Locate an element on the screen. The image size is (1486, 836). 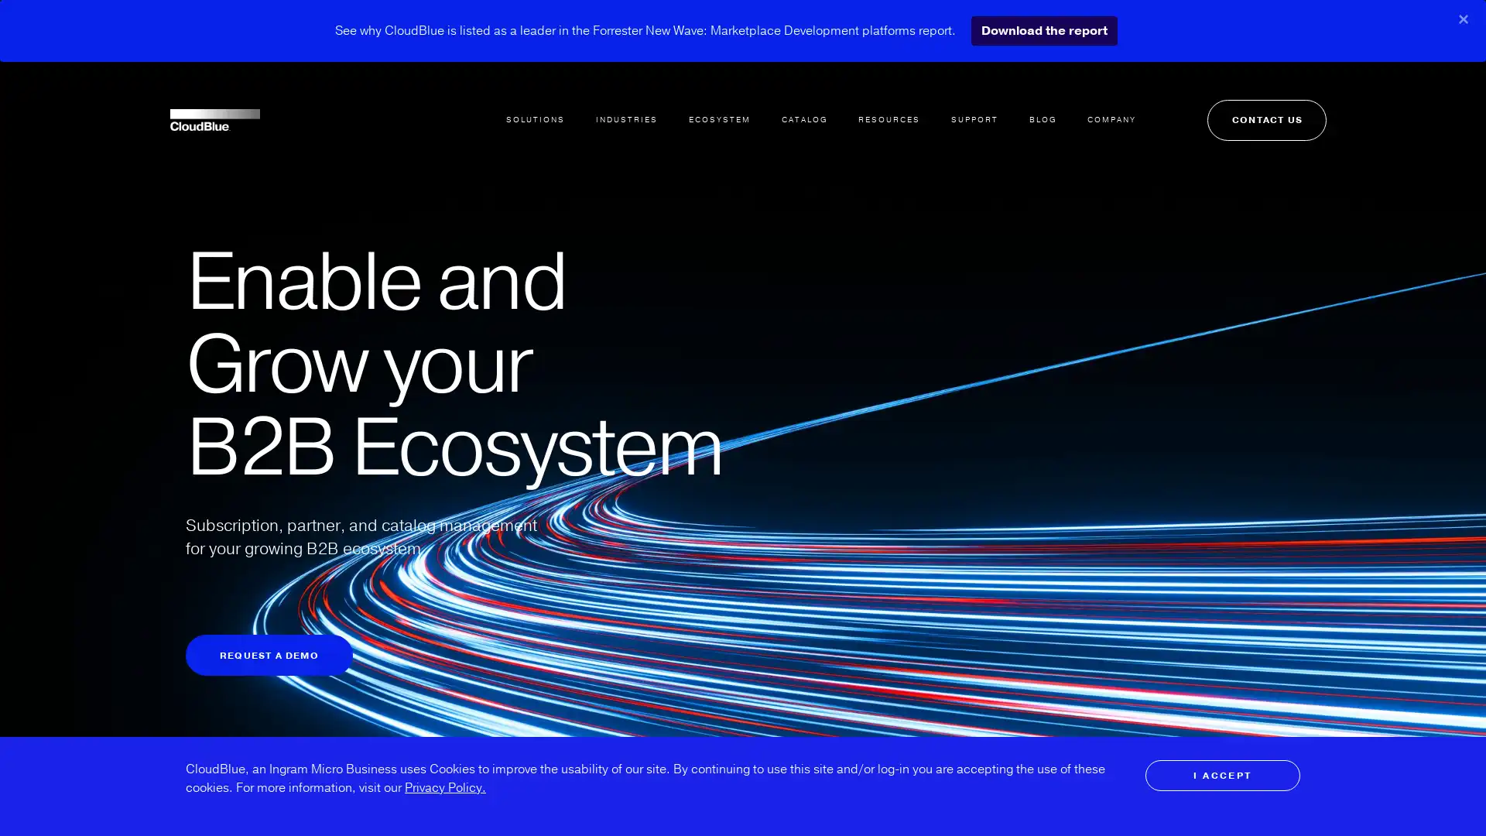
Close is located at coordinates (1463, 19).